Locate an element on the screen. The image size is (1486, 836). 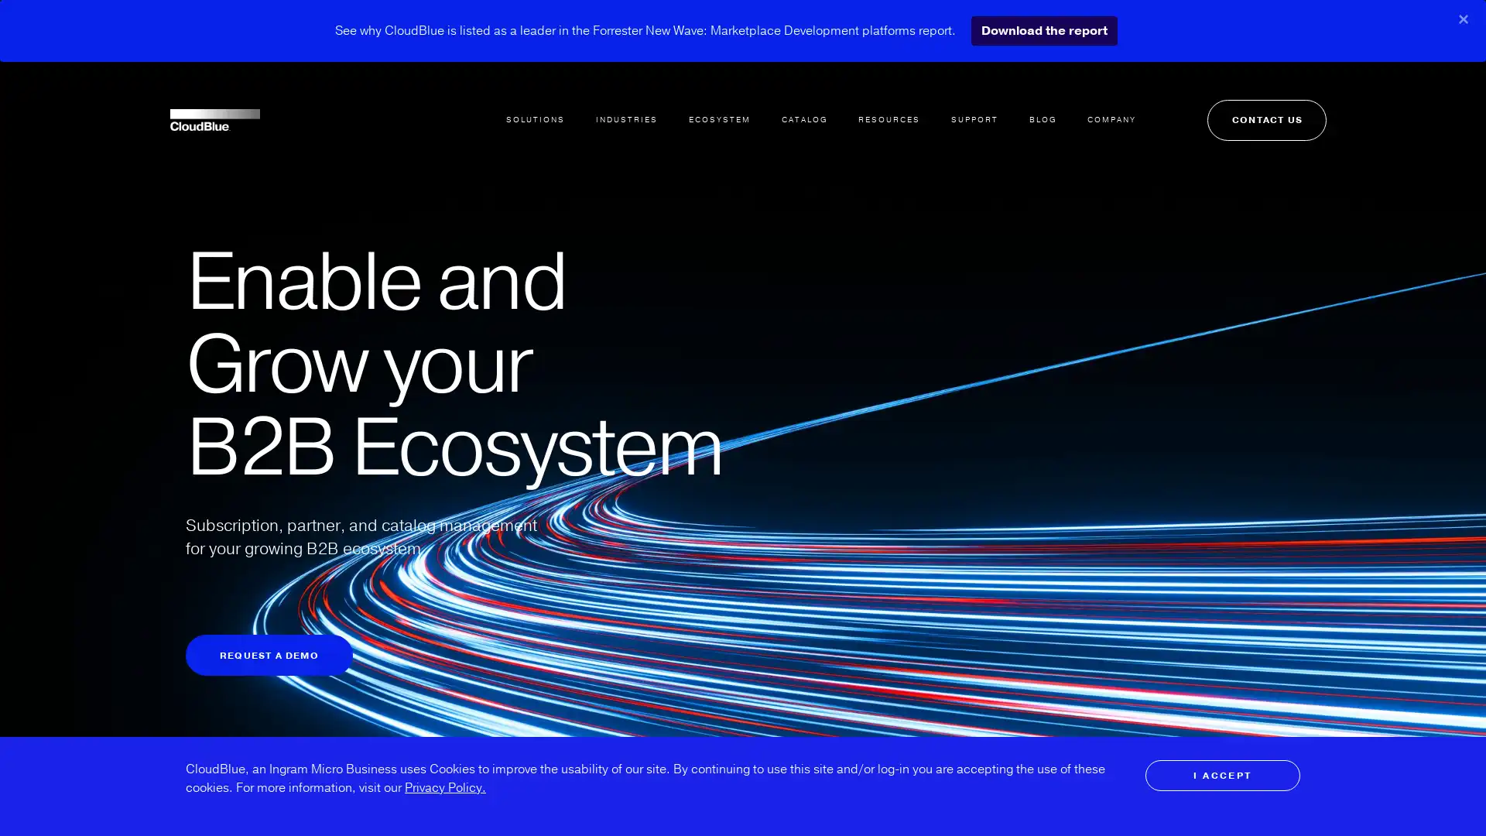
Close is located at coordinates (1463, 19).